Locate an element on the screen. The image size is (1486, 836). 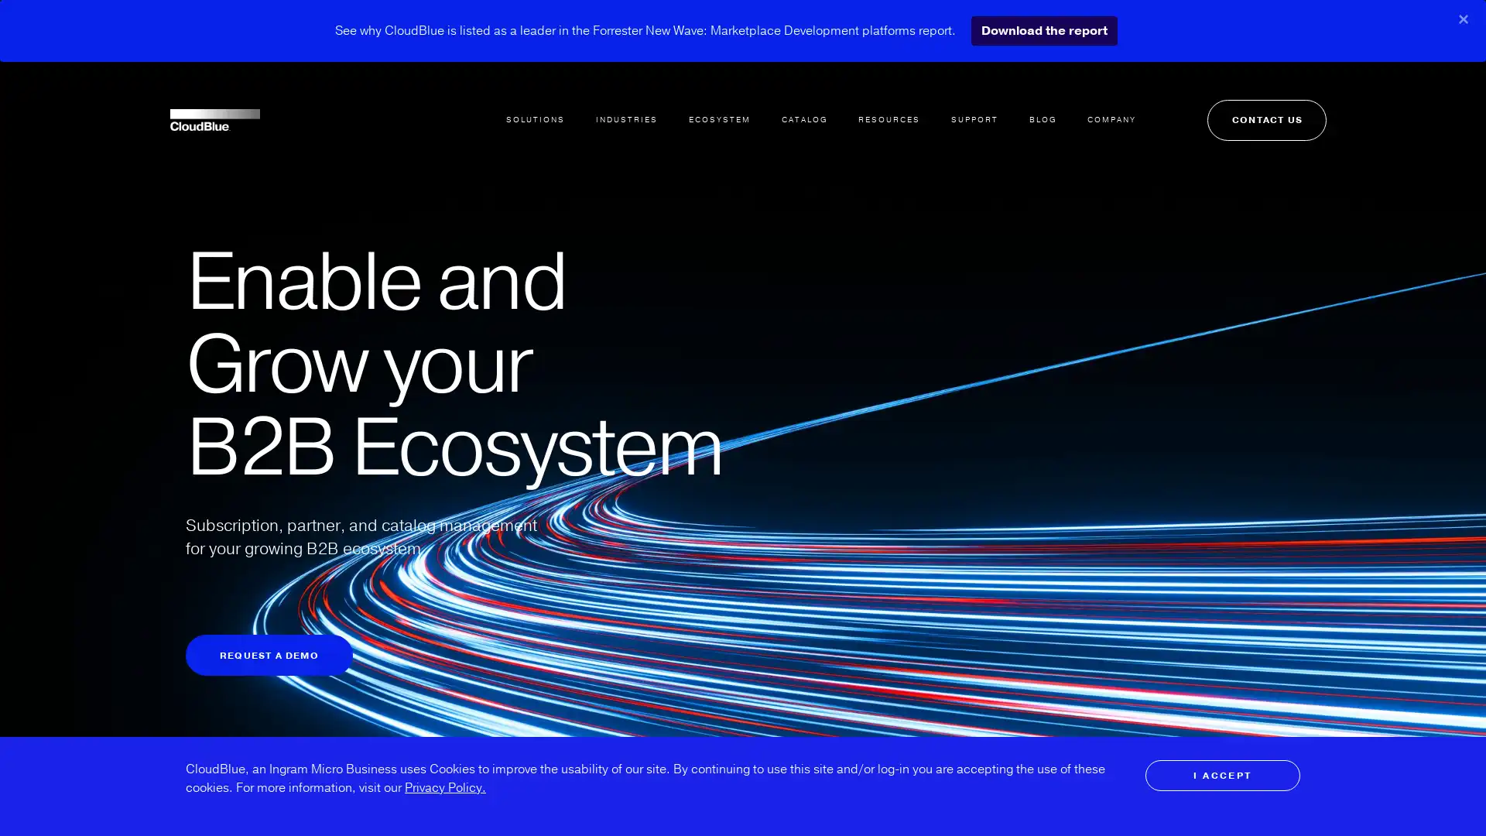
Close is located at coordinates (1463, 19).